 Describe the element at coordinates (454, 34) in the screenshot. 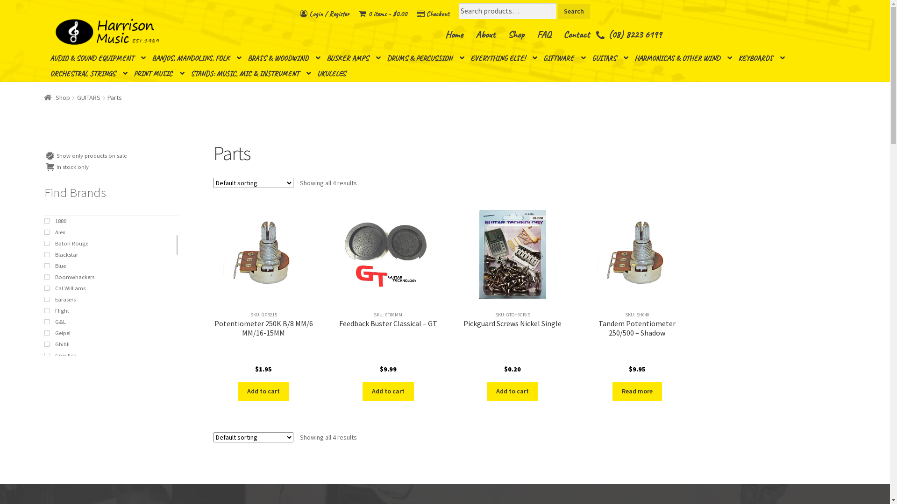

I see `'Home'` at that location.